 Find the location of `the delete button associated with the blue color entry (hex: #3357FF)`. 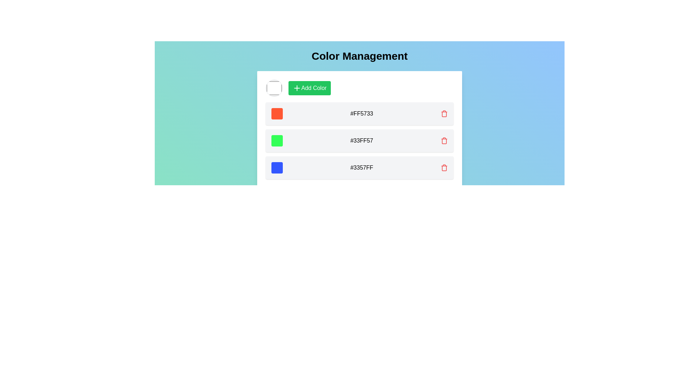

the delete button associated with the blue color entry (hex: #3357FF) is located at coordinates (444, 167).